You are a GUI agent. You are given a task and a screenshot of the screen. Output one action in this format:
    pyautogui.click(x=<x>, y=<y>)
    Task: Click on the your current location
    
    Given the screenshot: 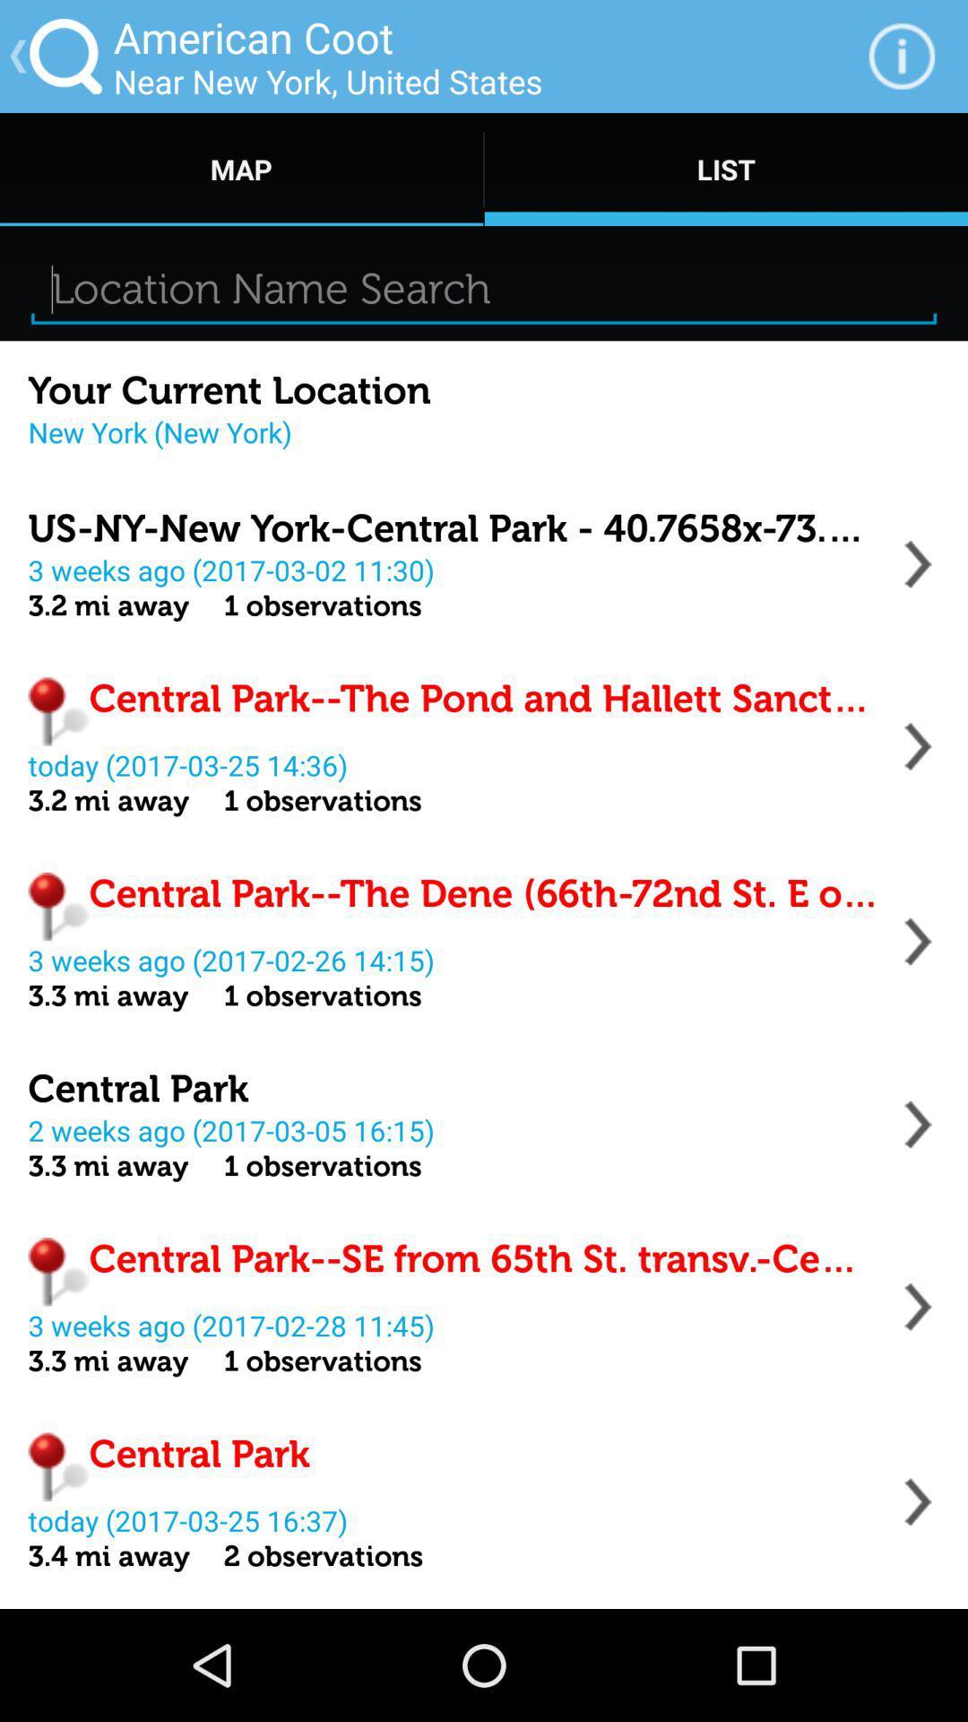 What is the action you would take?
    pyautogui.click(x=229, y=390)
    